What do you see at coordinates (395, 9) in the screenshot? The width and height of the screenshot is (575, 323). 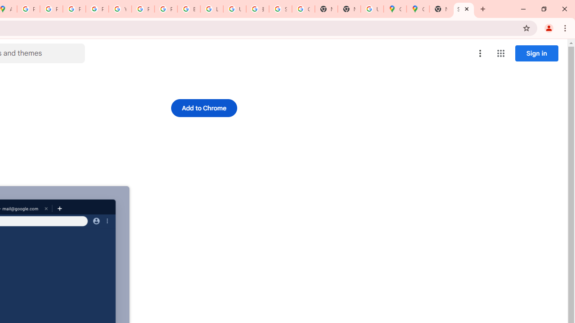 I see `'Google Maps'` at bounding box center [395, 9].